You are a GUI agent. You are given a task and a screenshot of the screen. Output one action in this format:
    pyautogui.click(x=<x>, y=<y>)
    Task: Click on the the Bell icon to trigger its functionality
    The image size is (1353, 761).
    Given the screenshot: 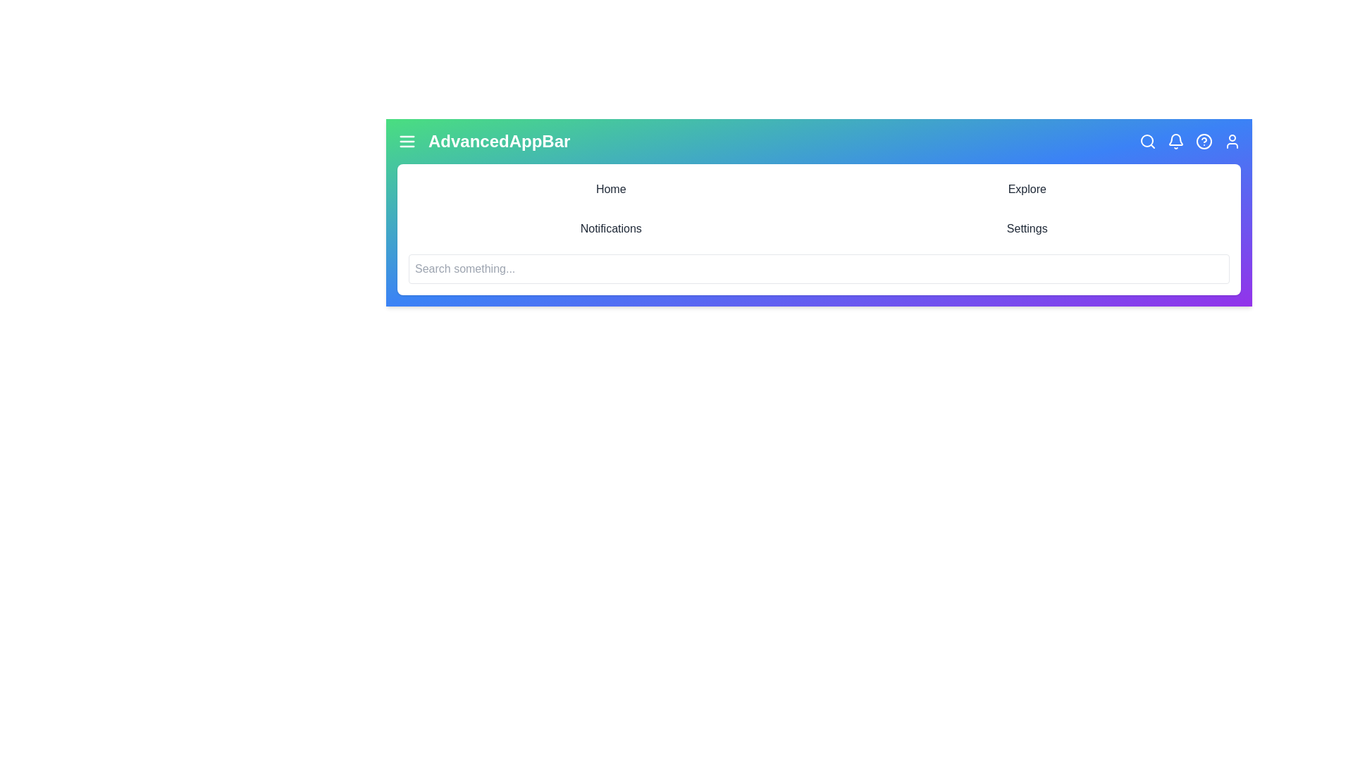 What is the action you would take?
    pyautogui.click(x=1176, y=141)
    